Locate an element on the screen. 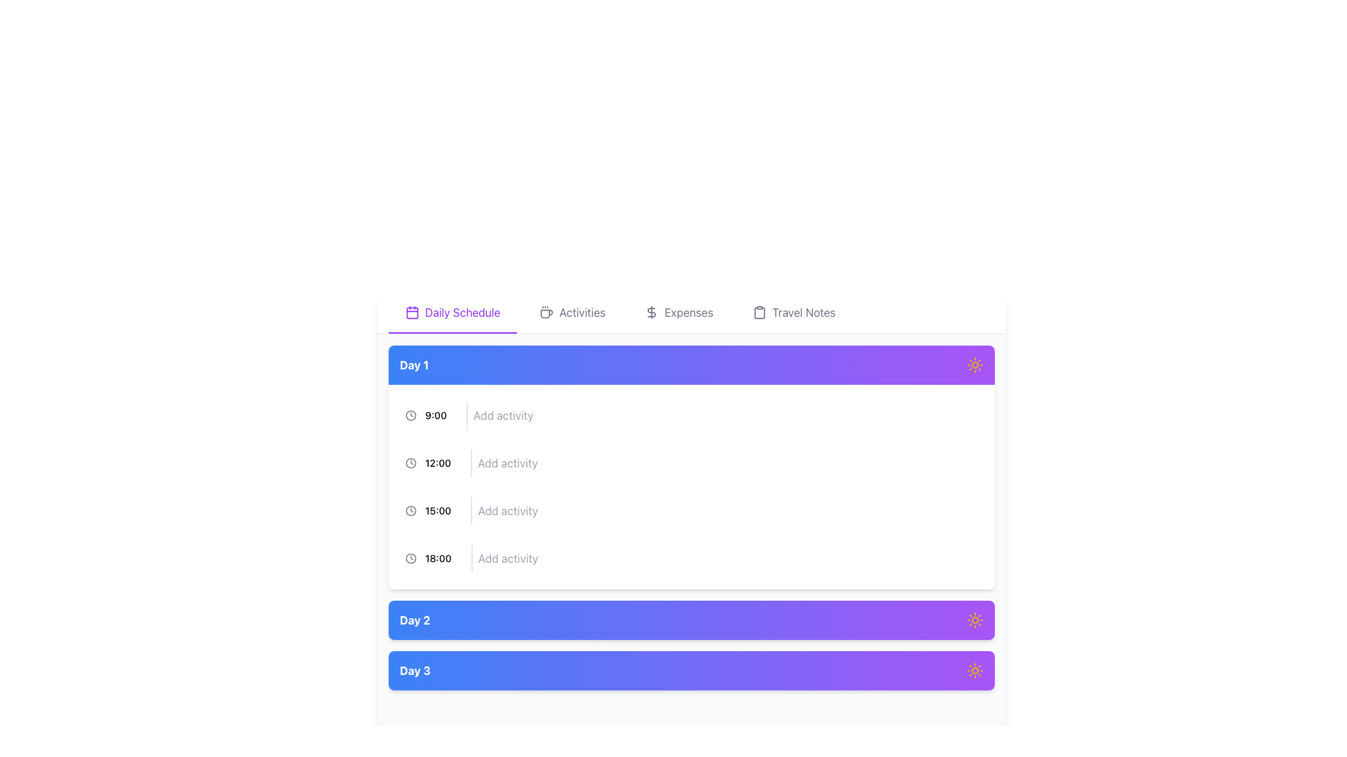 This screenshot has width=1347, height=757. the dollar sign icon located in the navigation bar to the left of the 'Expenses' text is located at coordinates (651, 312).